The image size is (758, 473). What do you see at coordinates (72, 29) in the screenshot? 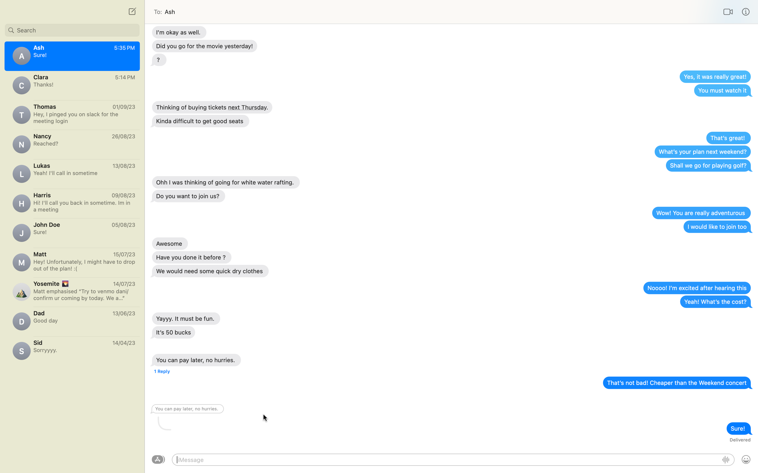
I see `Locate and open "Emily"s" contact information` at bounding box center [72, 29].